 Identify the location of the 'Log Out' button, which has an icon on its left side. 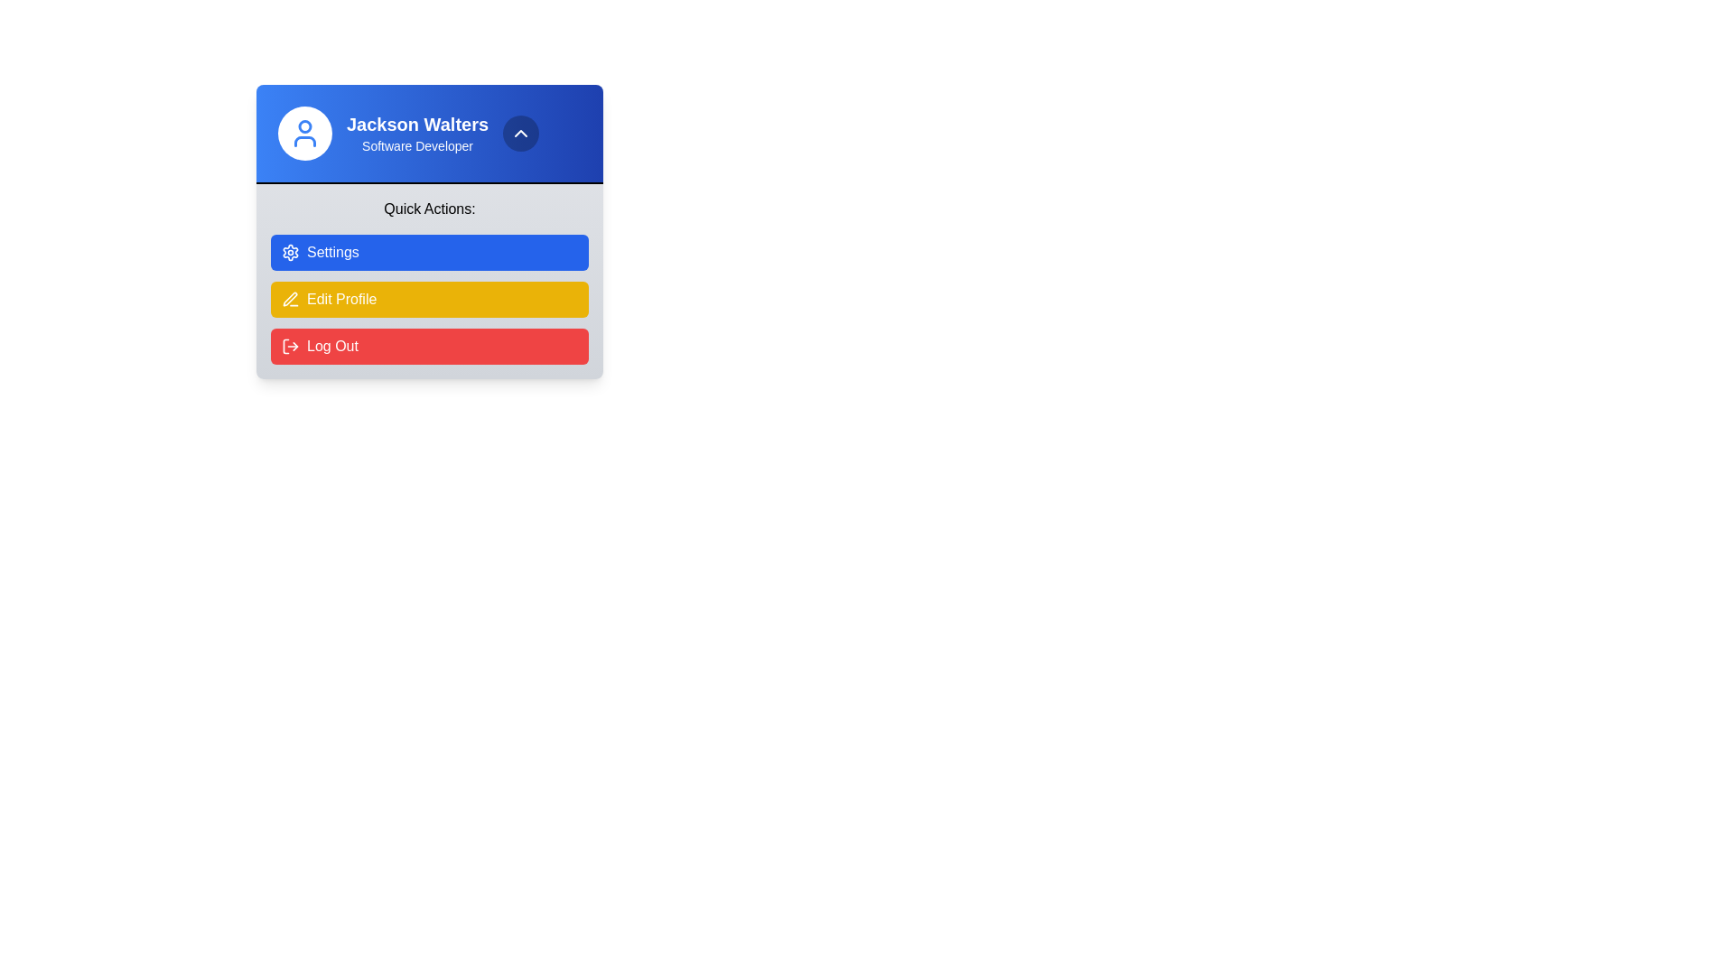
(290, 347).